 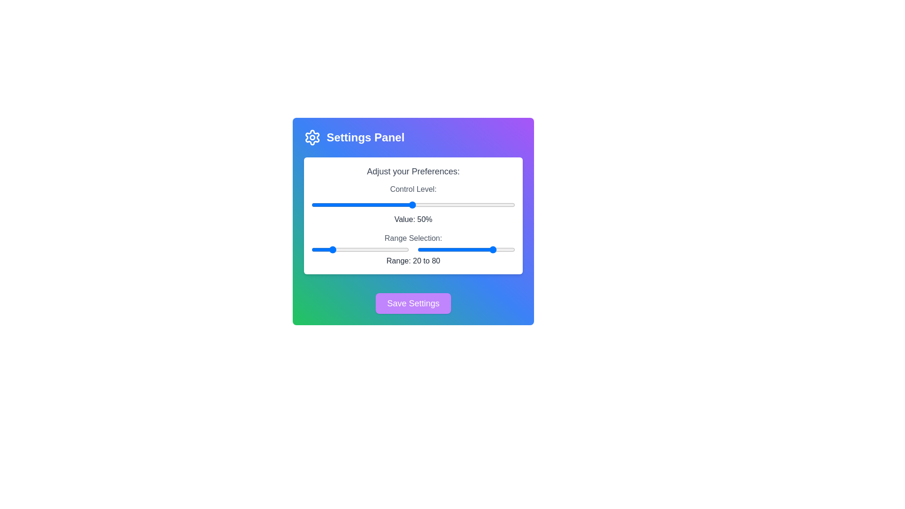 What do you see at coordinates (410, 205) in the screenshot?
I see `the control level` at bounding box center [410, 205].